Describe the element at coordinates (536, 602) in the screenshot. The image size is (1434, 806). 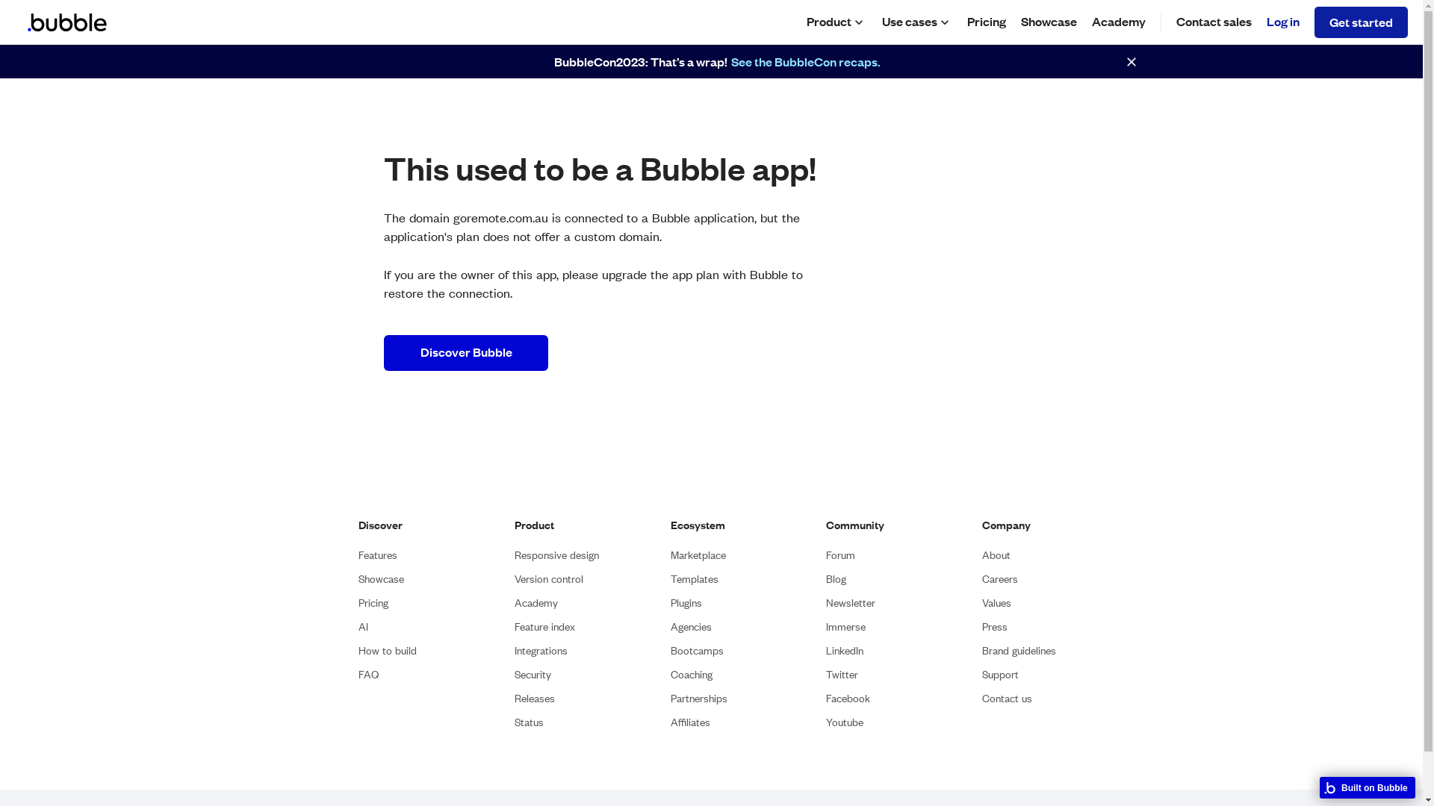
I see `'Academy'` at that location.